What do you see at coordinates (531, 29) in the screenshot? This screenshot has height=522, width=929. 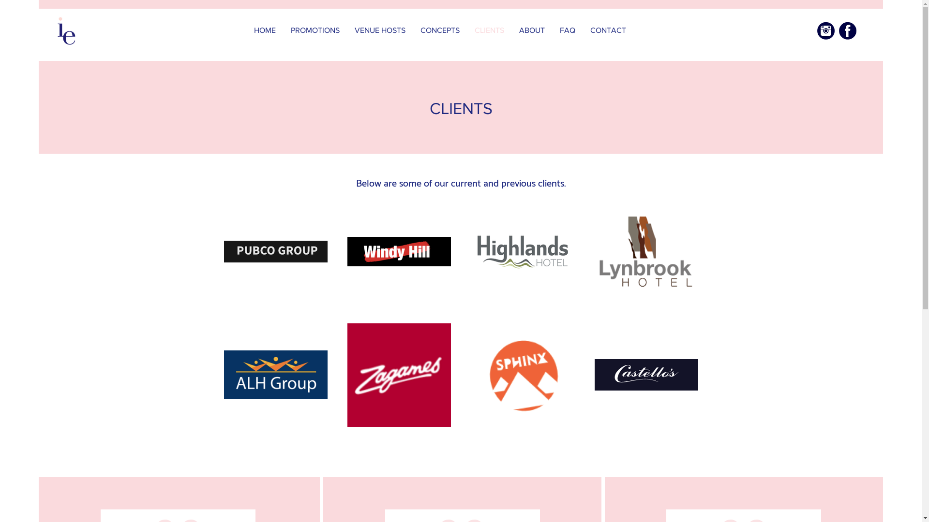 I see `'ABOUT'` at bounding box center [531, 29].